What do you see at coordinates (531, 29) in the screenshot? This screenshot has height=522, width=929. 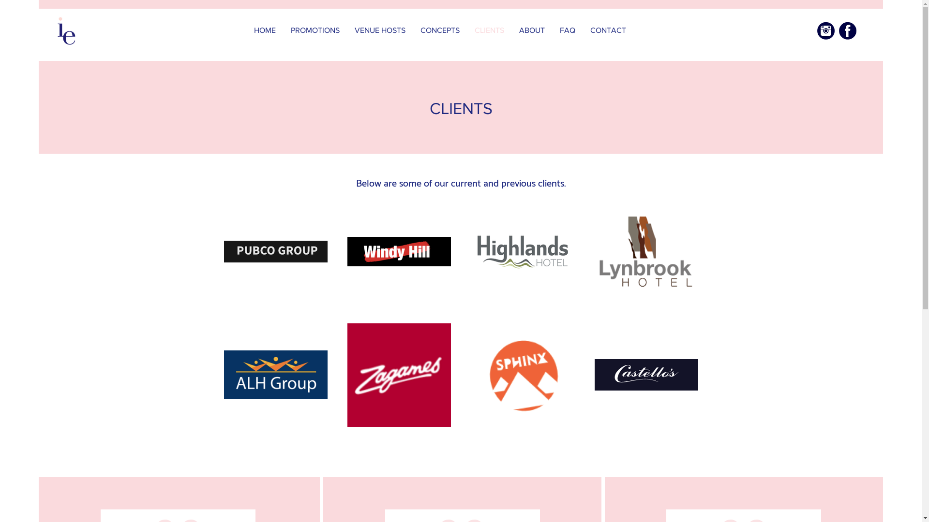 I see `'ABOUT'` at bounding box center [531, 29].